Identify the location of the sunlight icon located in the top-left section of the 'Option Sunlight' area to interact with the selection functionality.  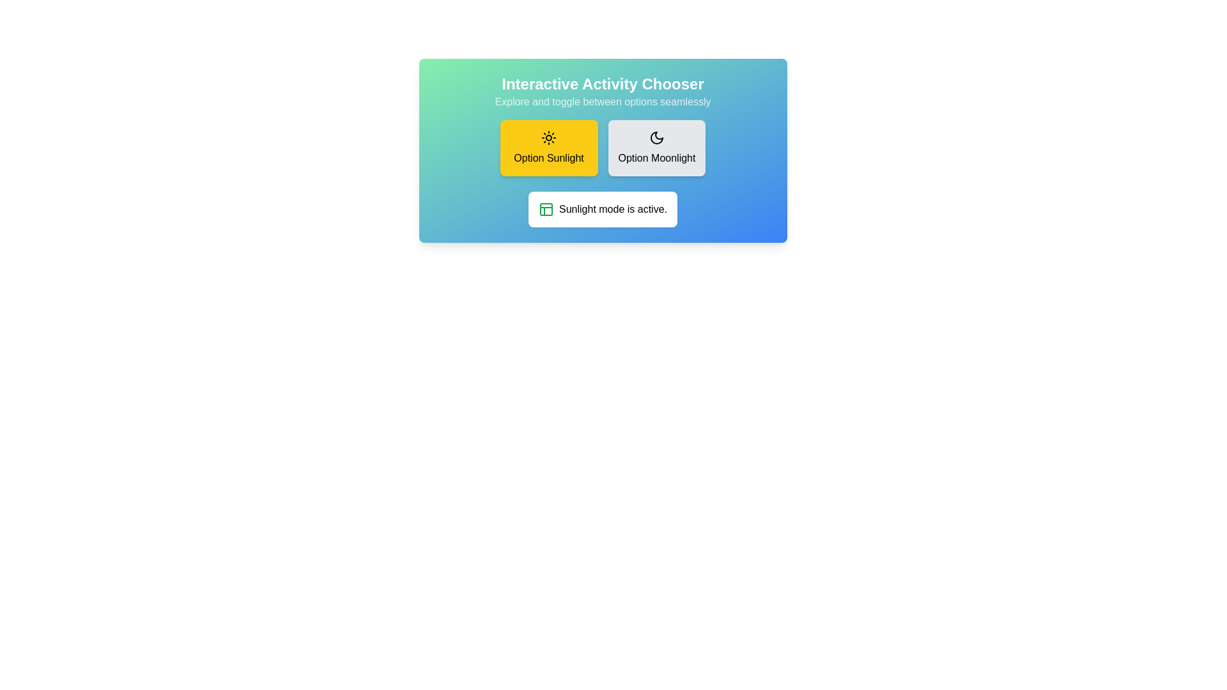
(549, 138).